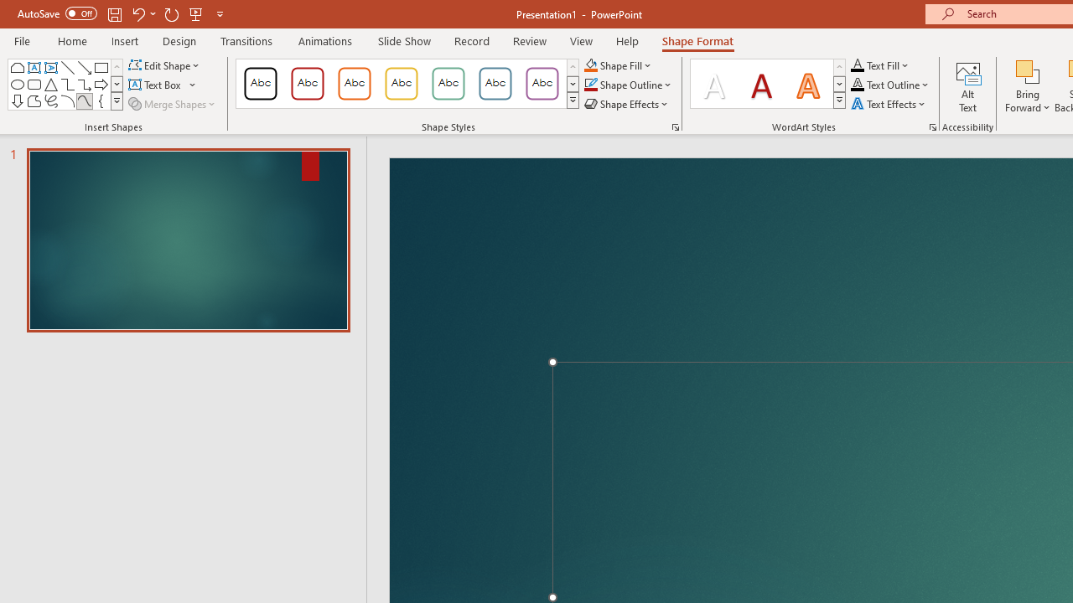 This screenshot has height=603, width=1073. I want to click on 'Isosceles Triangle', so click(50, 84).